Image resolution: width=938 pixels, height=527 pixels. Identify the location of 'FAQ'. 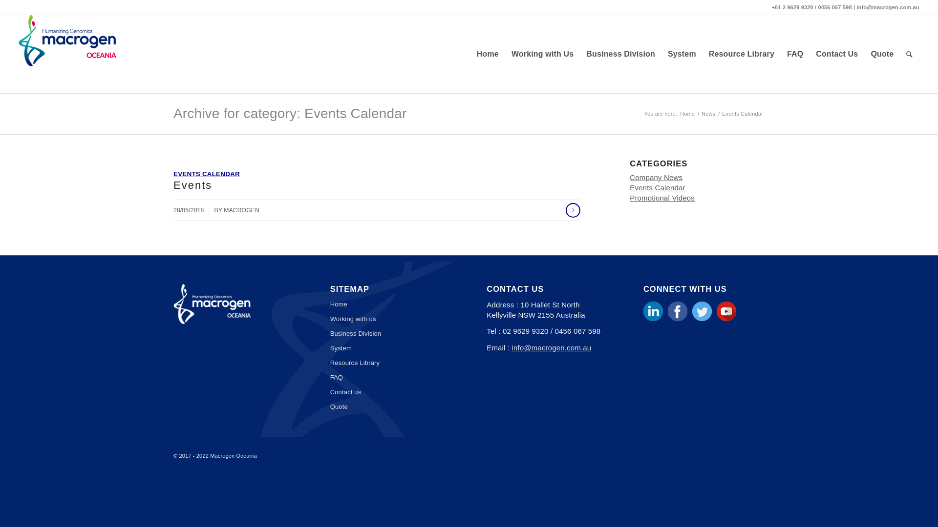
(795, 54).